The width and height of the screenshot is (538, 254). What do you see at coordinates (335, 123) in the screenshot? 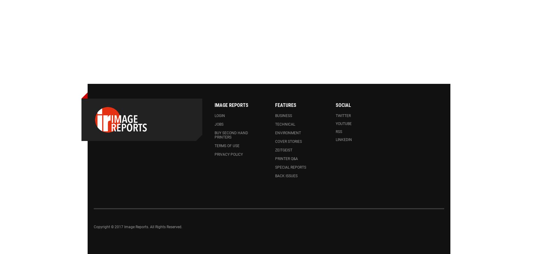
I see `'Youtube'` at bounding box center [335, 123].